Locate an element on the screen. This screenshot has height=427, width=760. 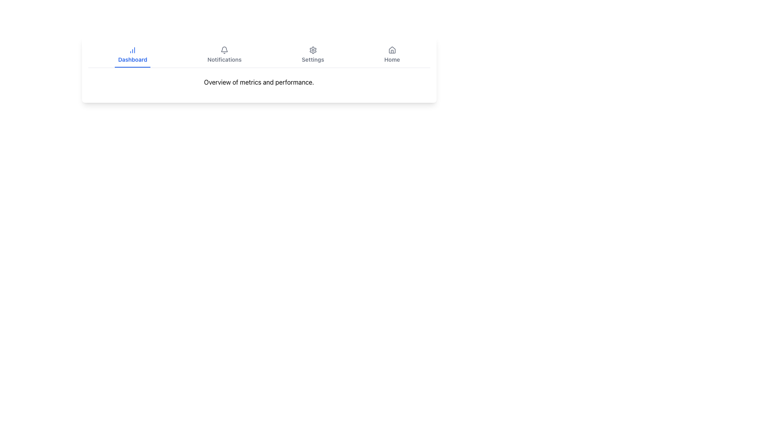
the column chart icon located in the top-center navigation bar above the text 'Dashboard' is located at coordinates (133, 50).